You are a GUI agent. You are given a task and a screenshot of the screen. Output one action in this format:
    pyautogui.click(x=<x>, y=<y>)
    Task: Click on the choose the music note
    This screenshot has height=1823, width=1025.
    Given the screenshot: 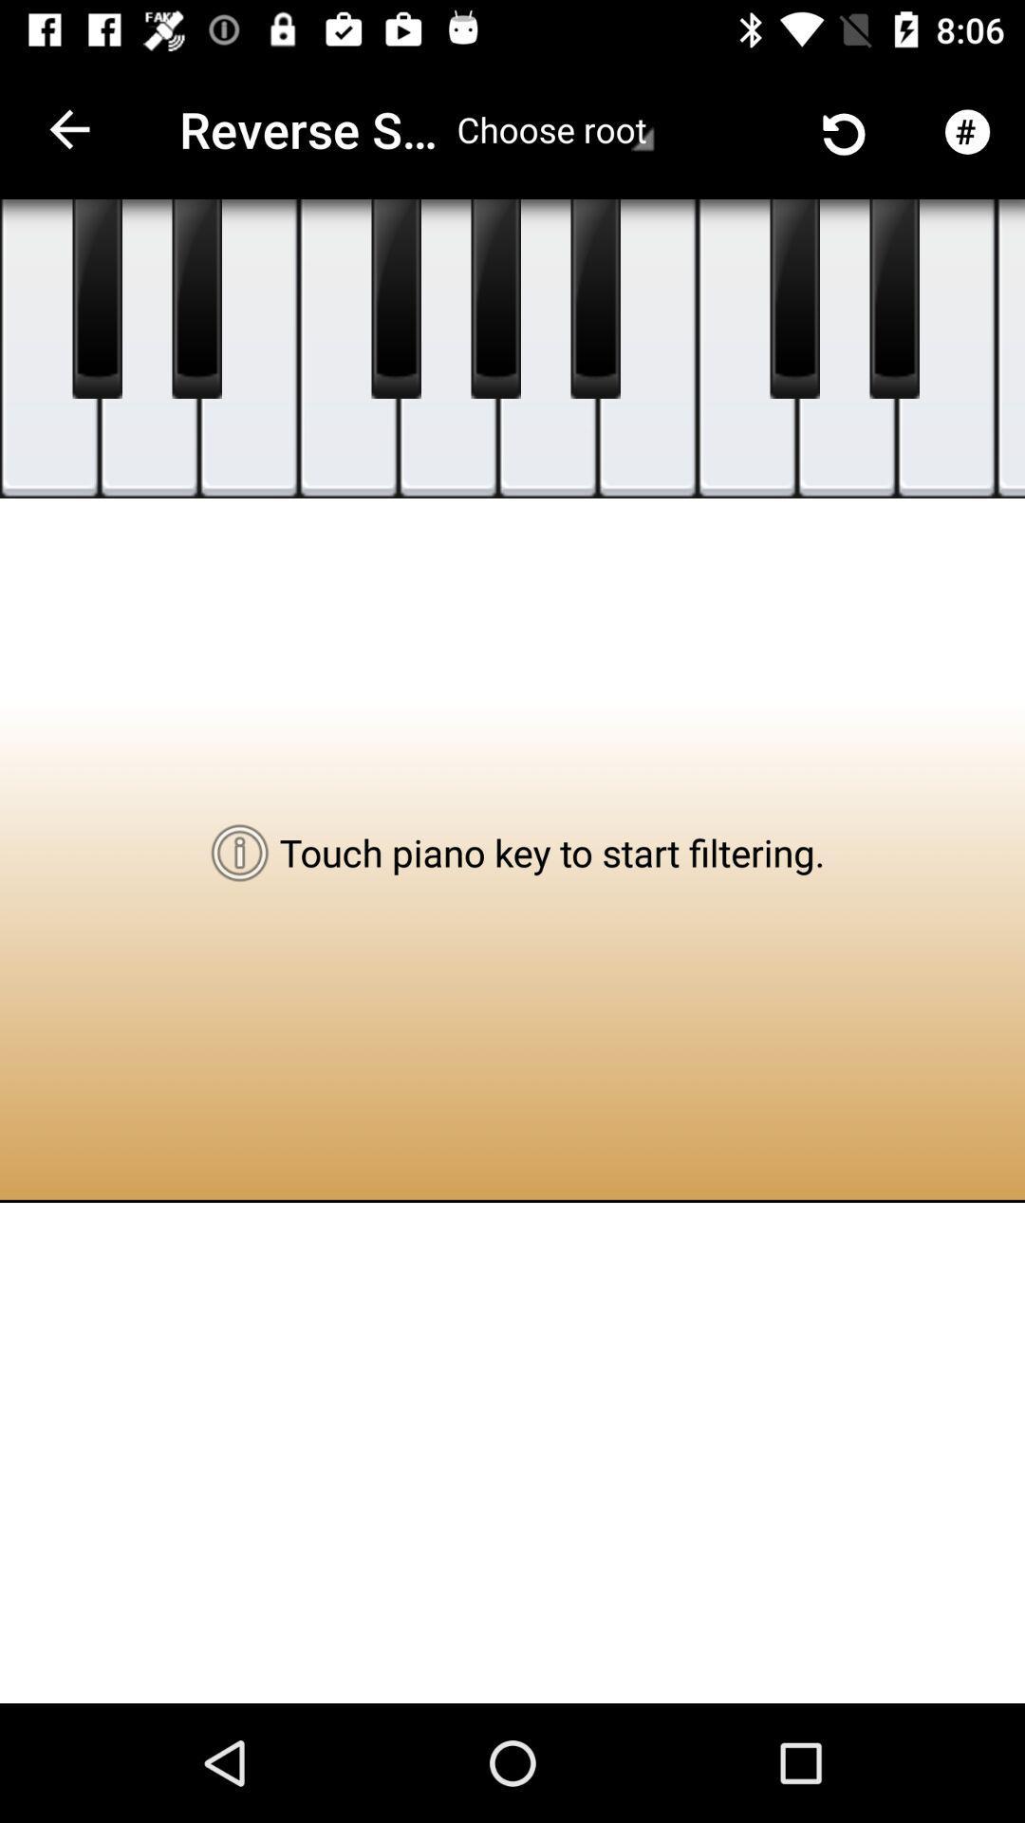 What is the action you would take?
    pyautogui.click(x=1009, y=348)
    